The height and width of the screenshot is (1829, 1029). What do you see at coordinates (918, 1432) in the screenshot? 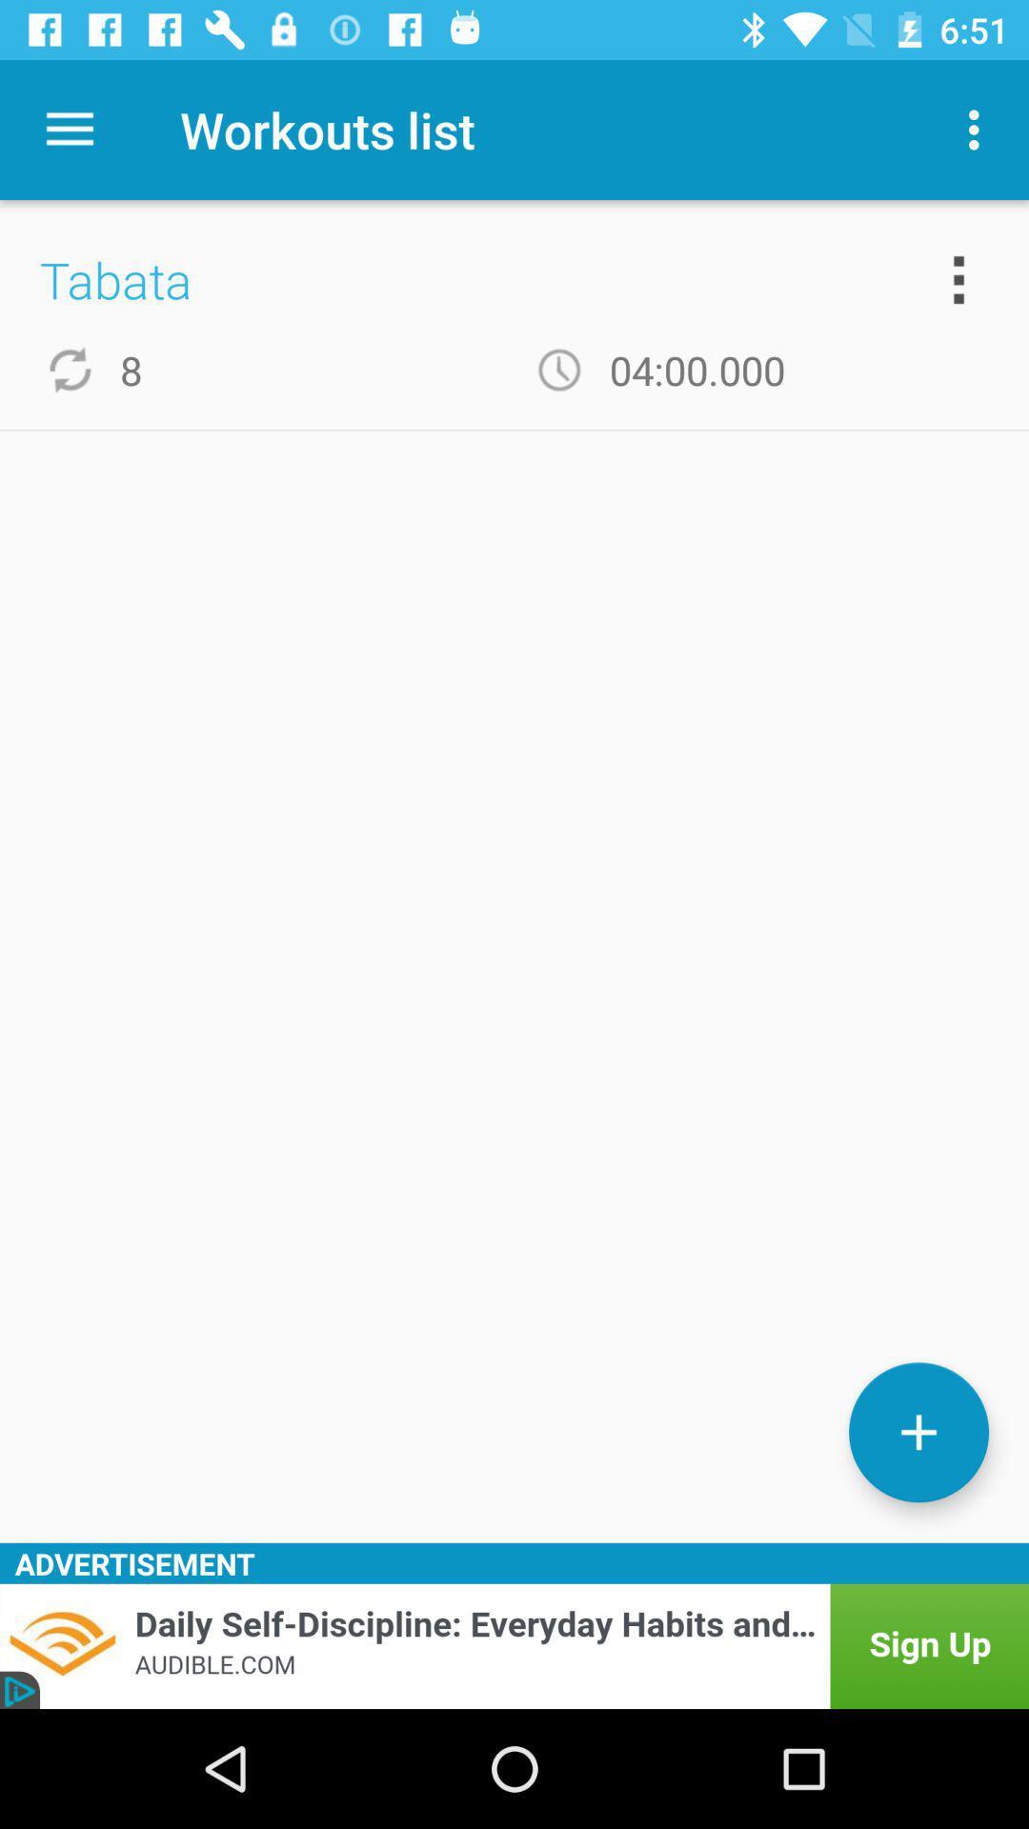
I see `item below 04:00.000 icon` at bounding box center [918, 1432].